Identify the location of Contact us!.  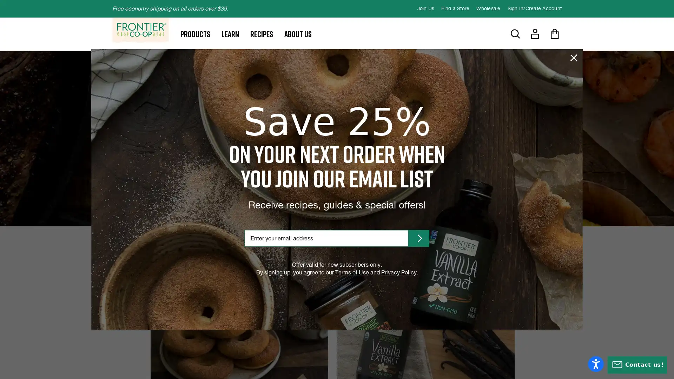
(637, 365).